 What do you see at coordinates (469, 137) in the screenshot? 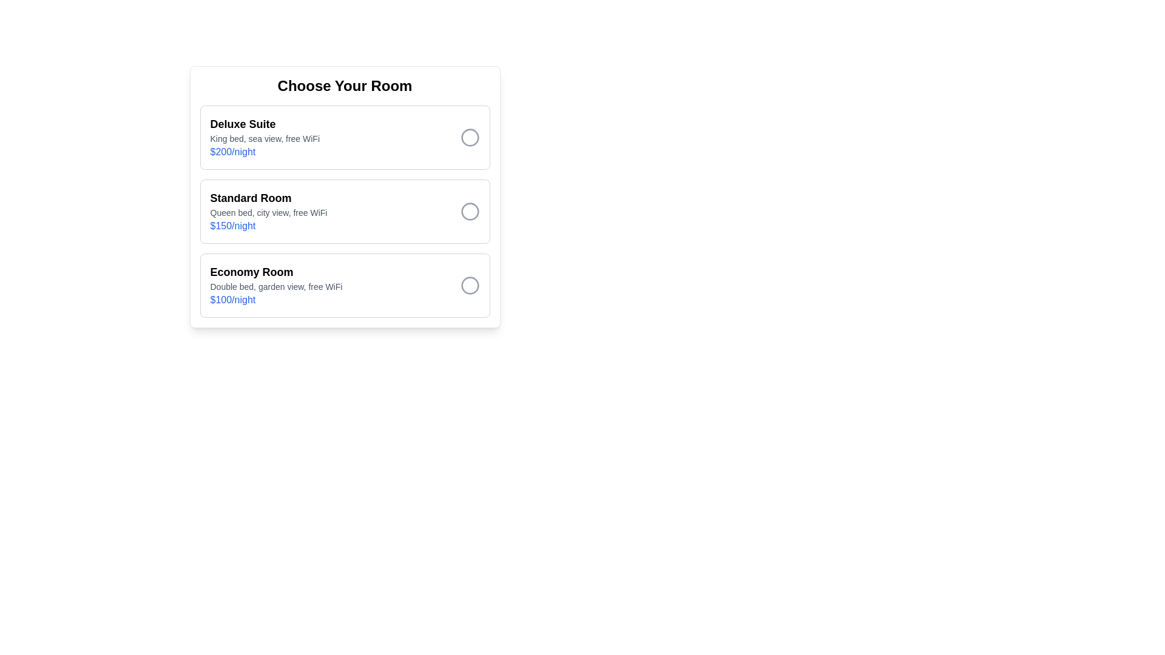
I see `the radio button for the 'Deluxe Suite' room located at the far right of the 'Deluxe Suite' card in the 'Choose Your Room' section` at bounding box center [469, 137].